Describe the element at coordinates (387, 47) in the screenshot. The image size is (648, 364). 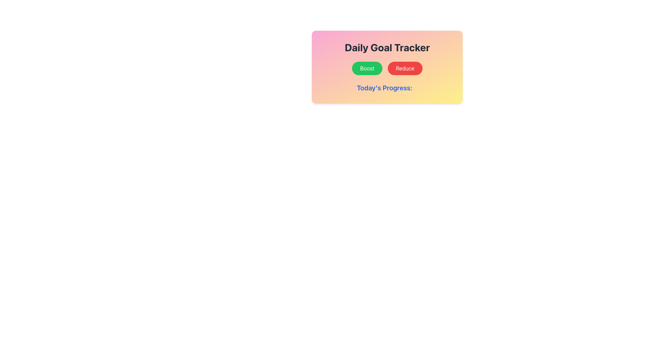
I see `the text label or header that serves as the title for the section, positioned above the 'Boost' and 'Reduce' buttons and the 'Today's Progress' label` at that location.